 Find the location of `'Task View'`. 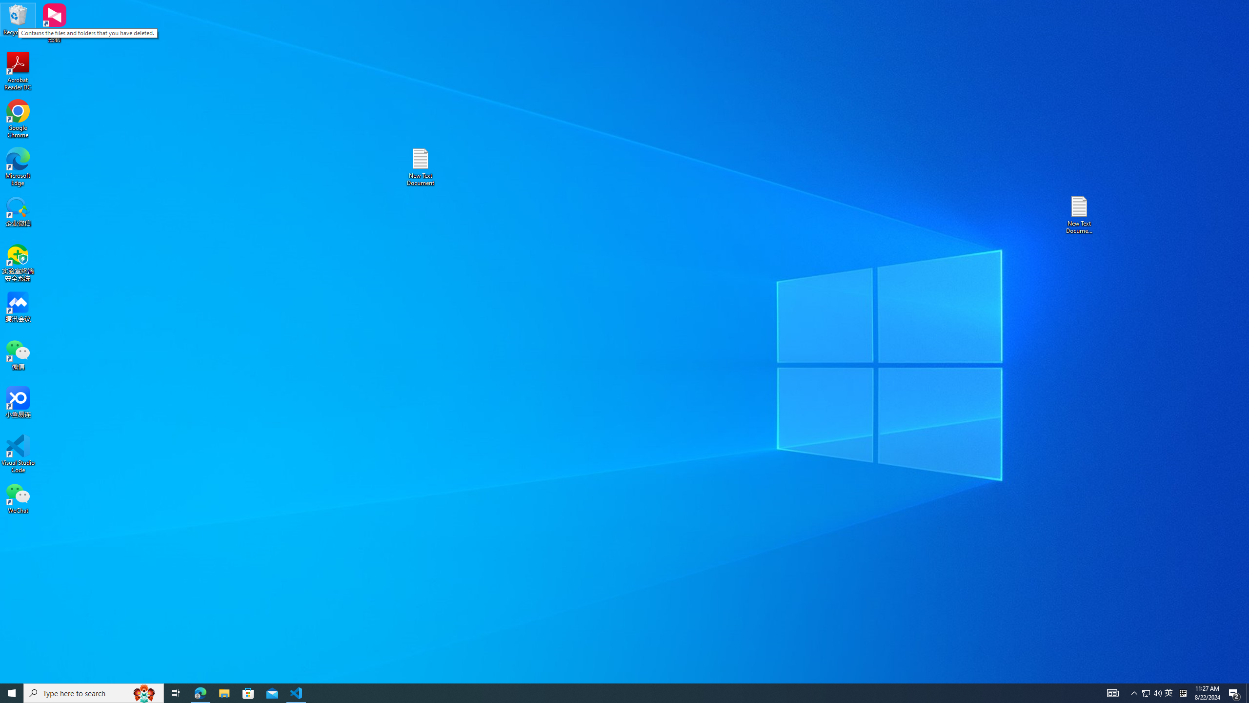

'Task View' is located at coordinates (175, 692).